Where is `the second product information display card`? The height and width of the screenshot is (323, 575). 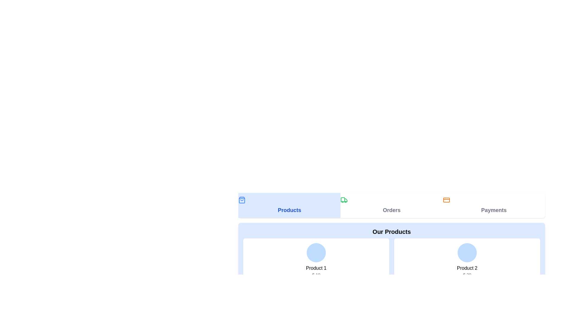 the second product information display card is located at coordinates (467, 260).